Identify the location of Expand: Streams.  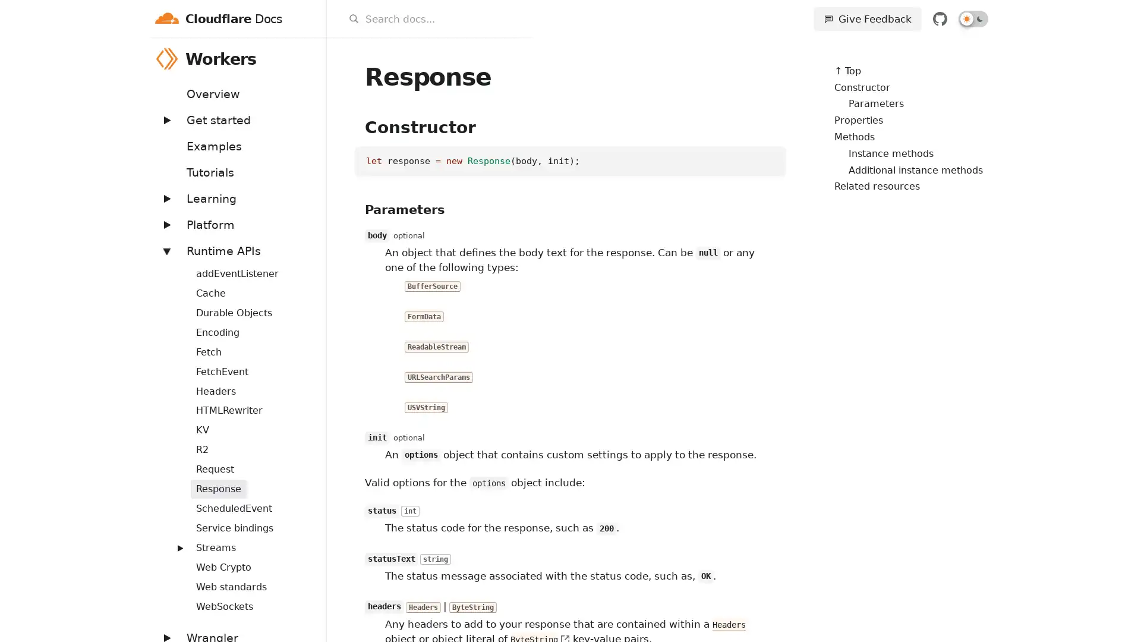
(179, 547).